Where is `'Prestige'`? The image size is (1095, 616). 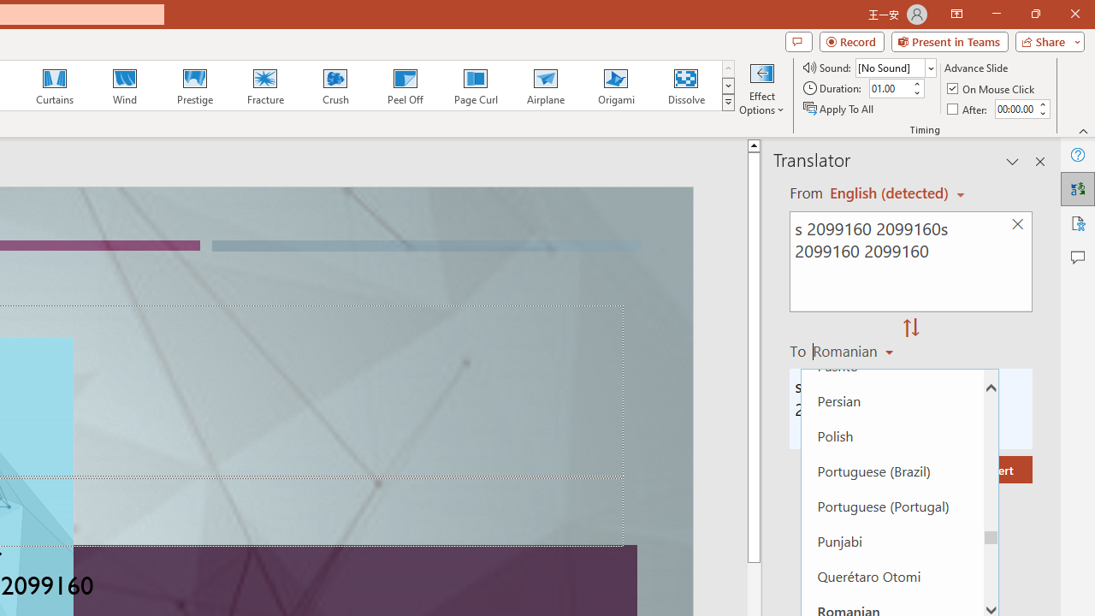 'Prestige' is located at coordinates (194, 86).